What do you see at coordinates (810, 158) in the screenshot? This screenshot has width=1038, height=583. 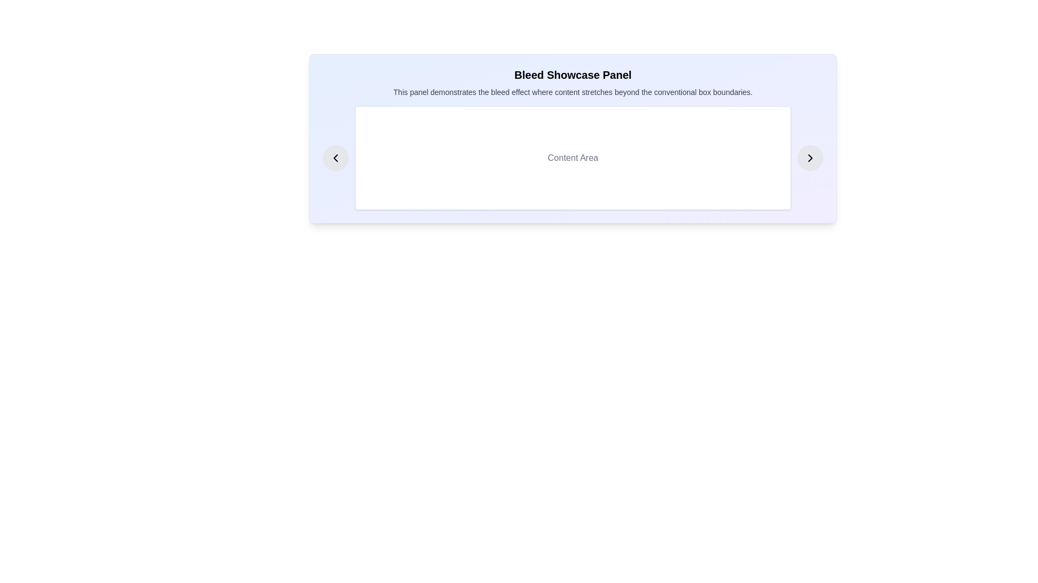 I see `the navigation icon button located on the far right side of the interface` at bounding box center [810, 158].